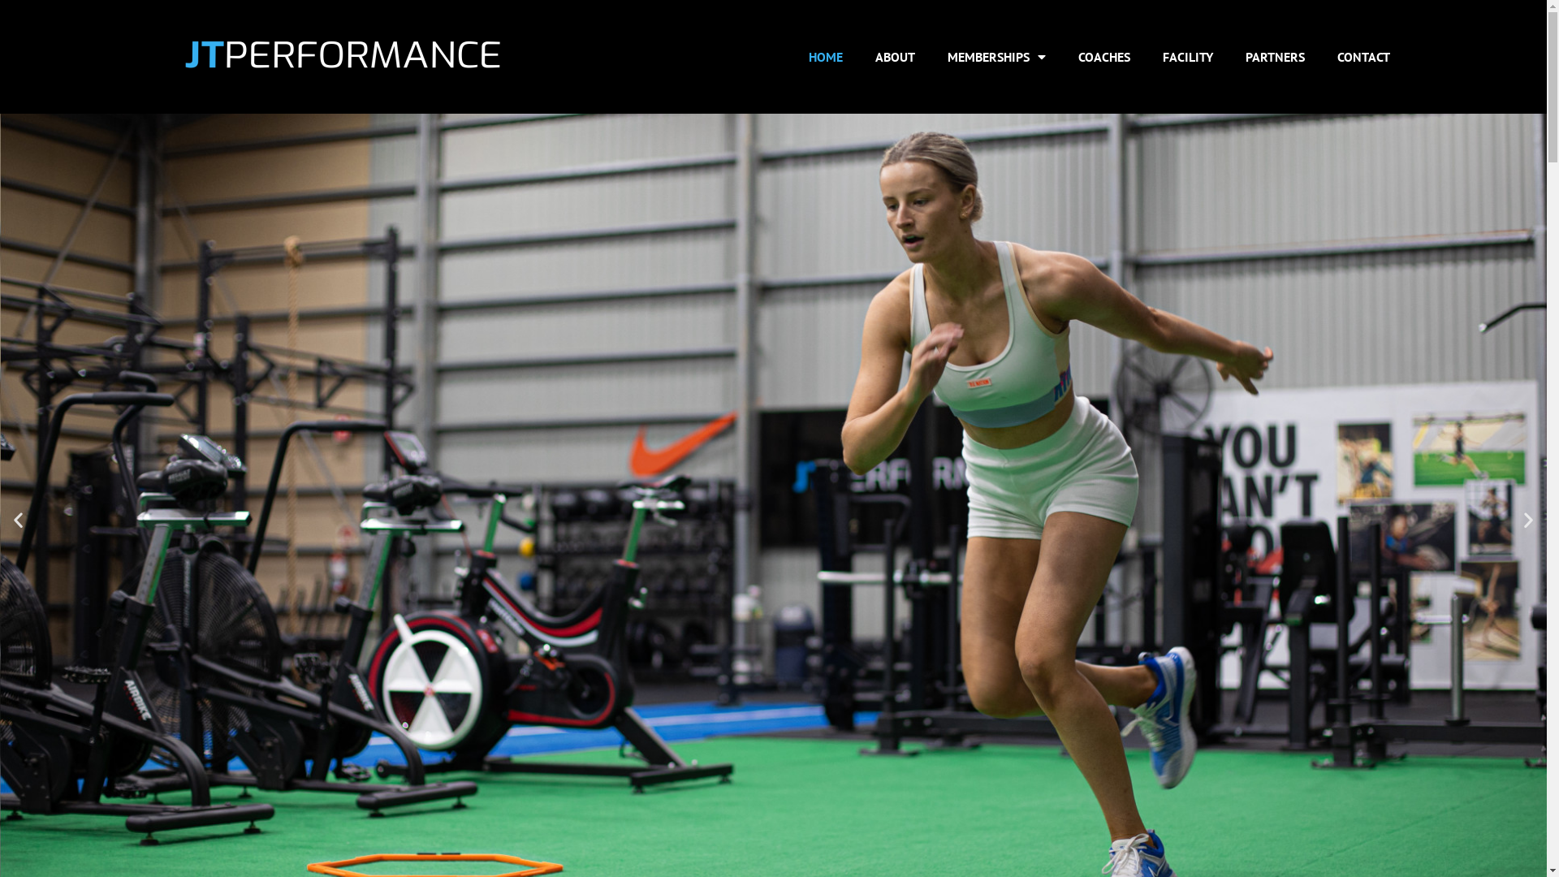  What do you see at coordinates (1145, 55) in the screenshot?
I see `'FACILITY'` at bounding box center [1145, 55].